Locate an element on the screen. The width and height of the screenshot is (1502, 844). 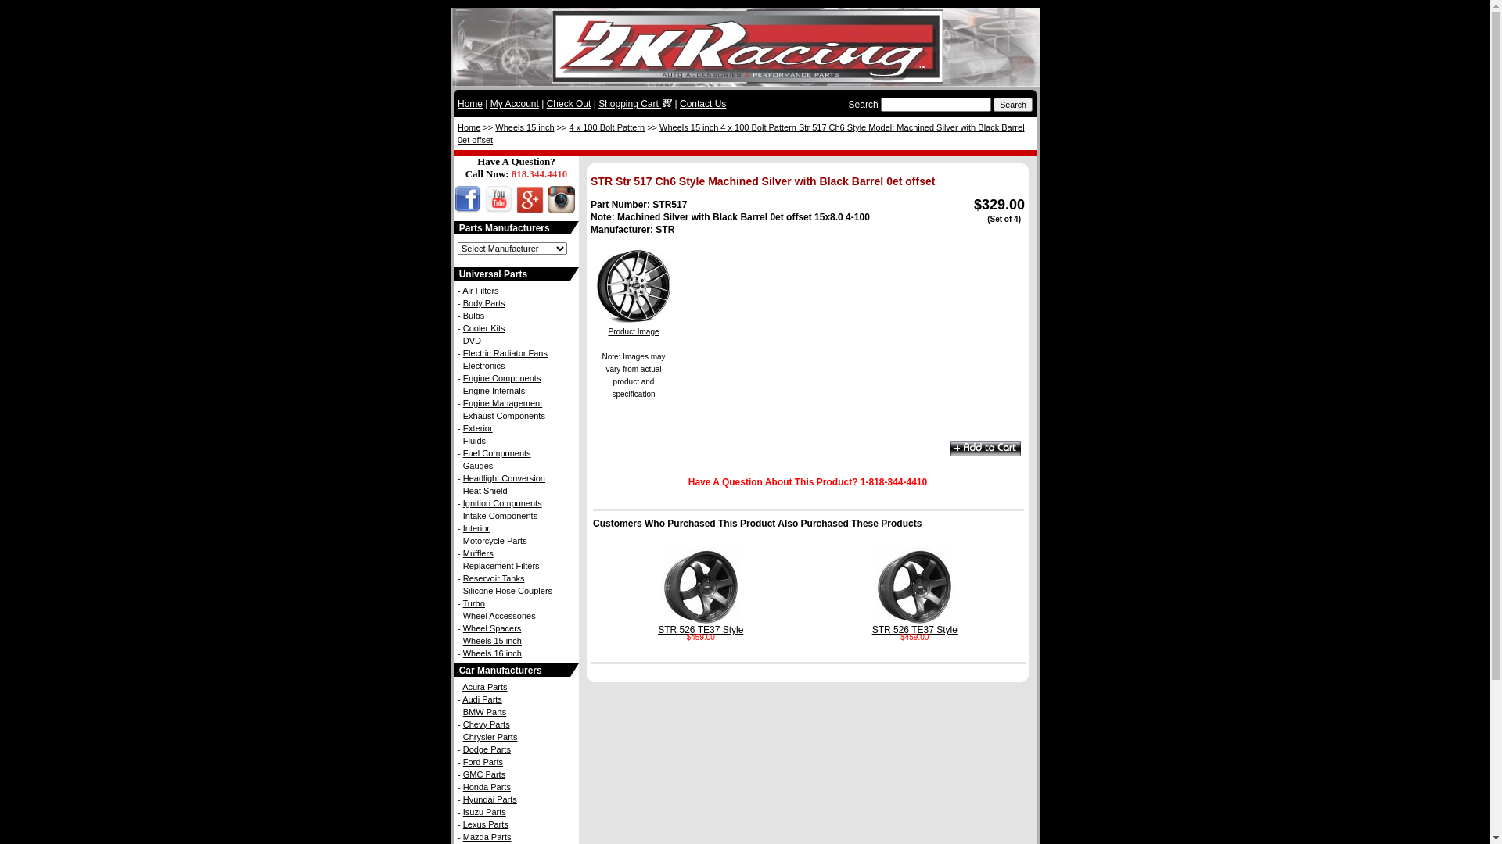
'Audi Parts' is located at coordinates (481, 698).